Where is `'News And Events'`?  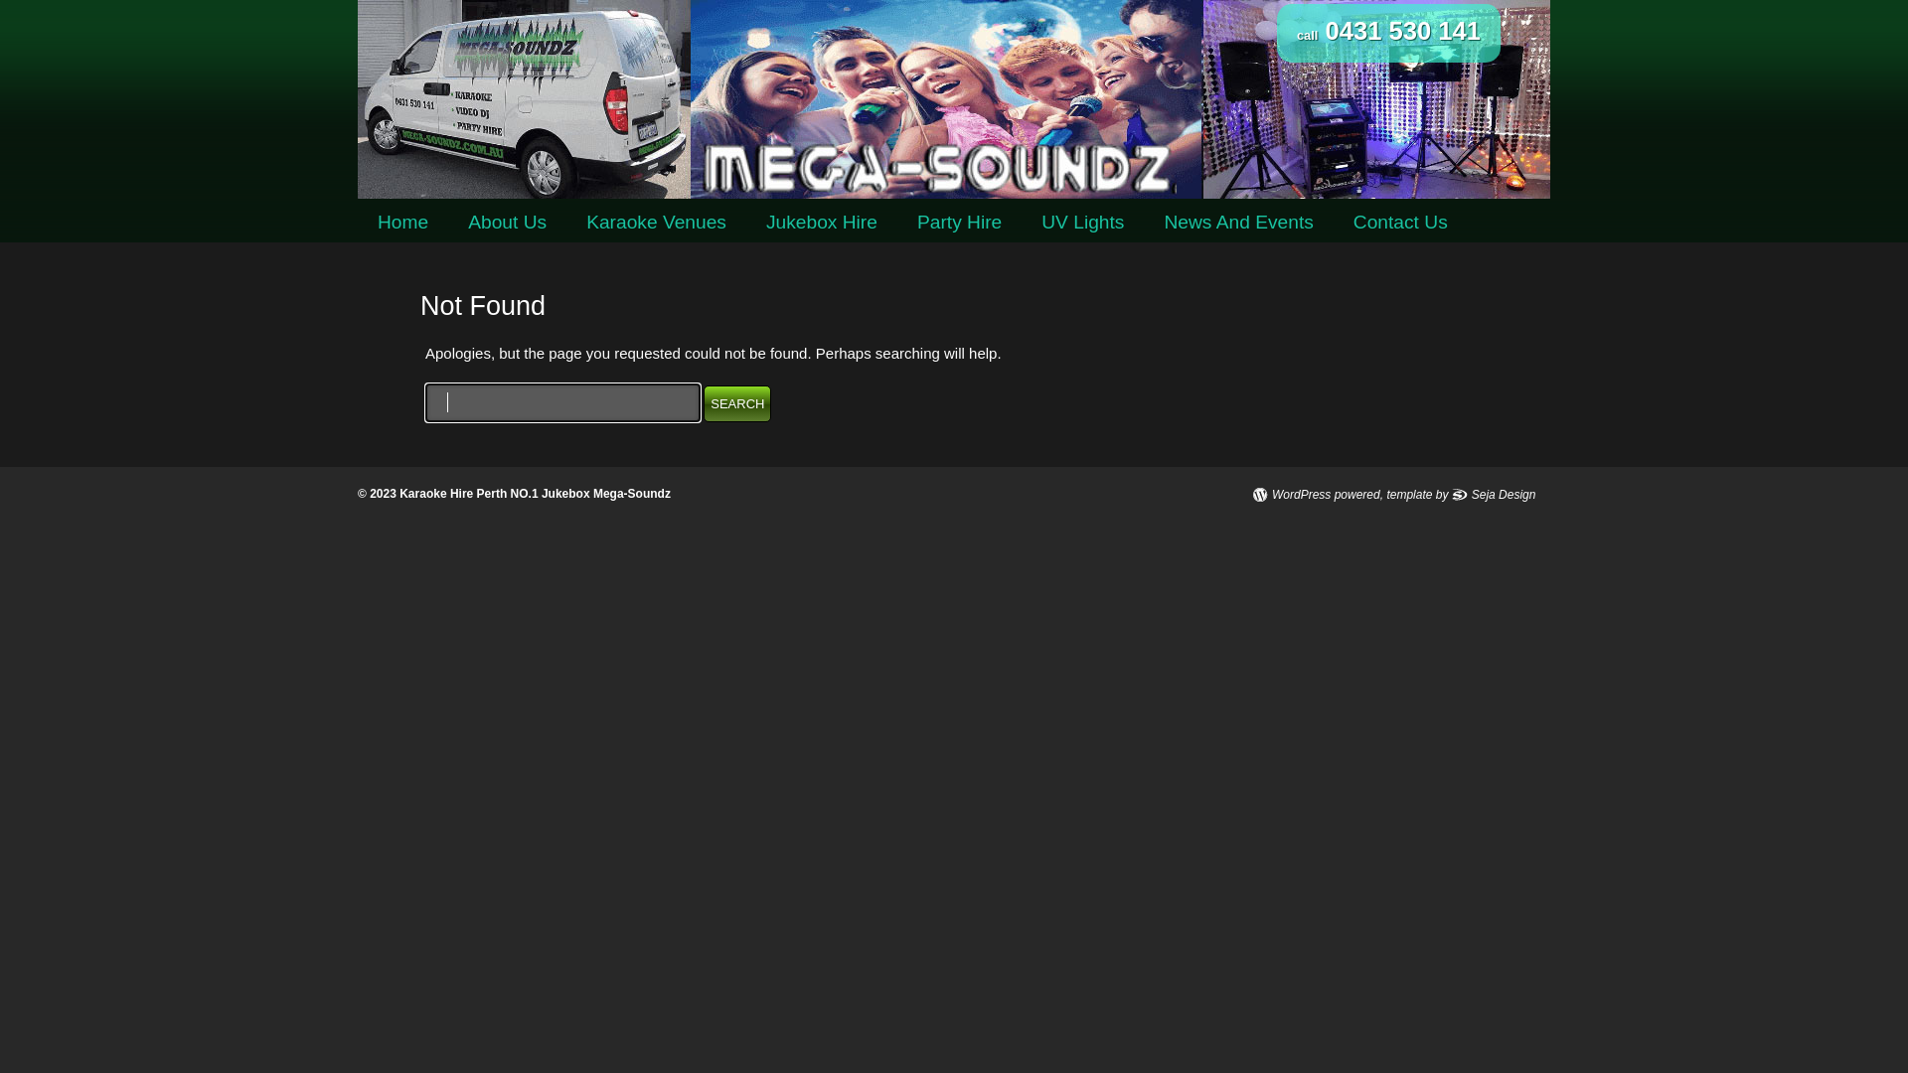
'News And Events' is located at coordinates (1237, 222).